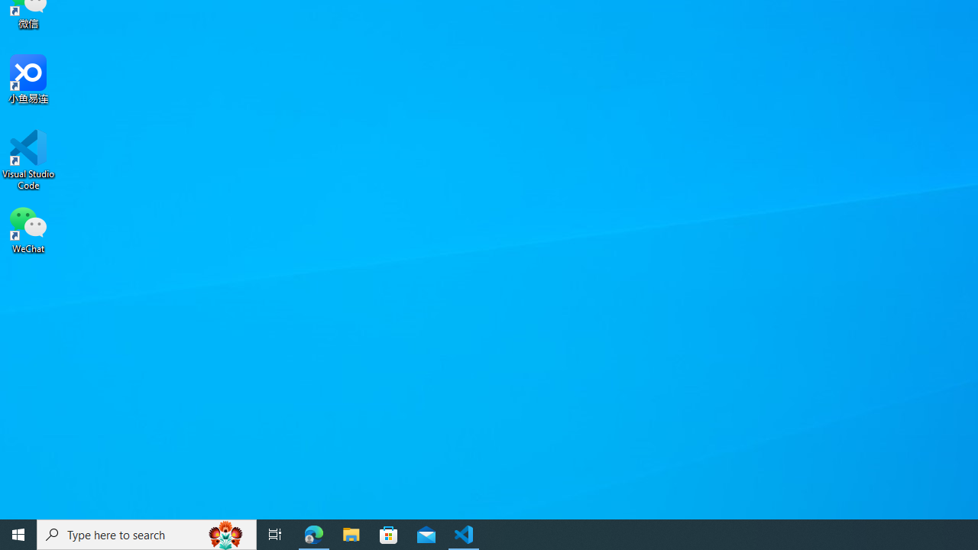 The height and width of the screenshot is (550, 978). Describe the element at coordinates (225, 533) in the screenshot. I see `'Search highlights icon opens search home window'` at that location.